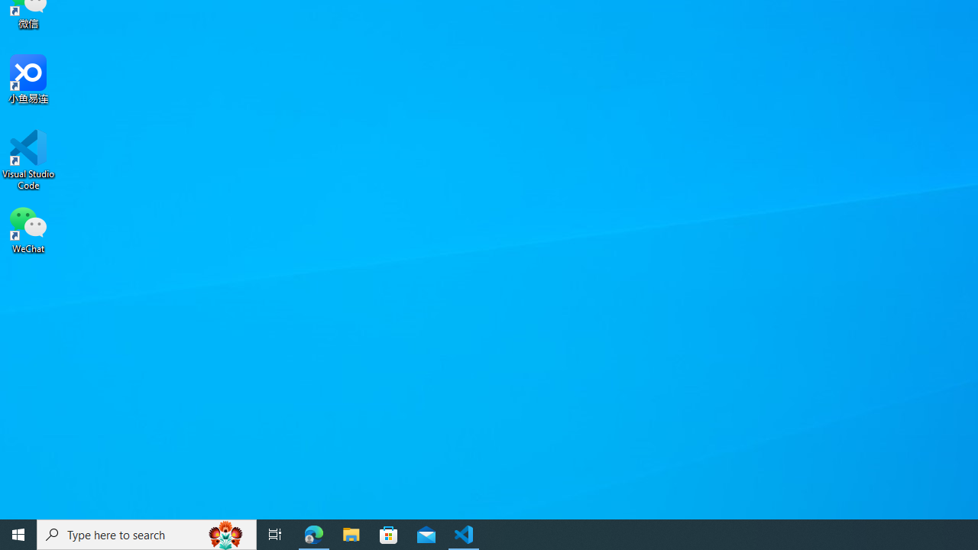 The height and width of the screenshot is (550, 978). Describe the element at coordinates (225, 533) in the screenshot. I see `'Search highlights icon opens search home window'` at that location.